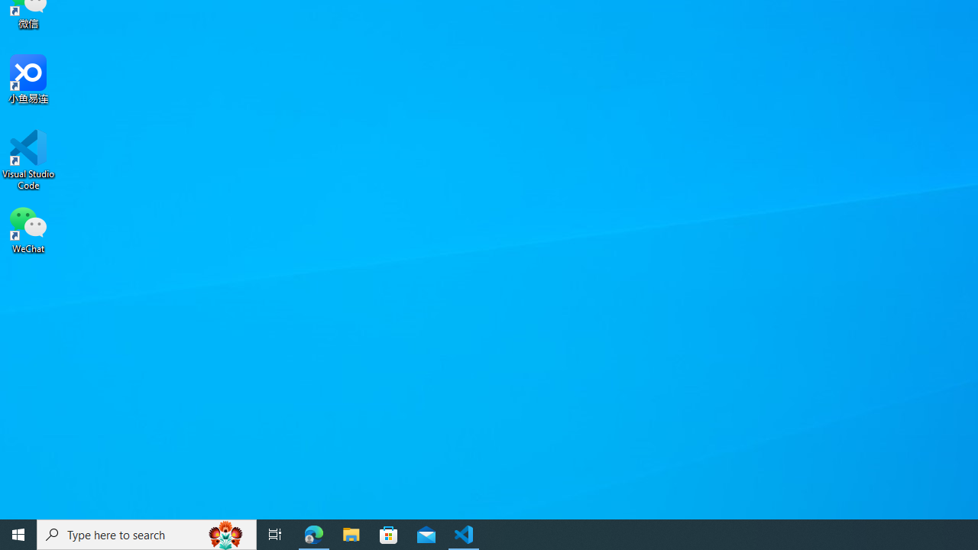 The height and width of the screenshot is (550, 978). Describe the element at coordinates (225, 533) in the screenshot. I see `'Search highlights icon opens search home window'` at that location.